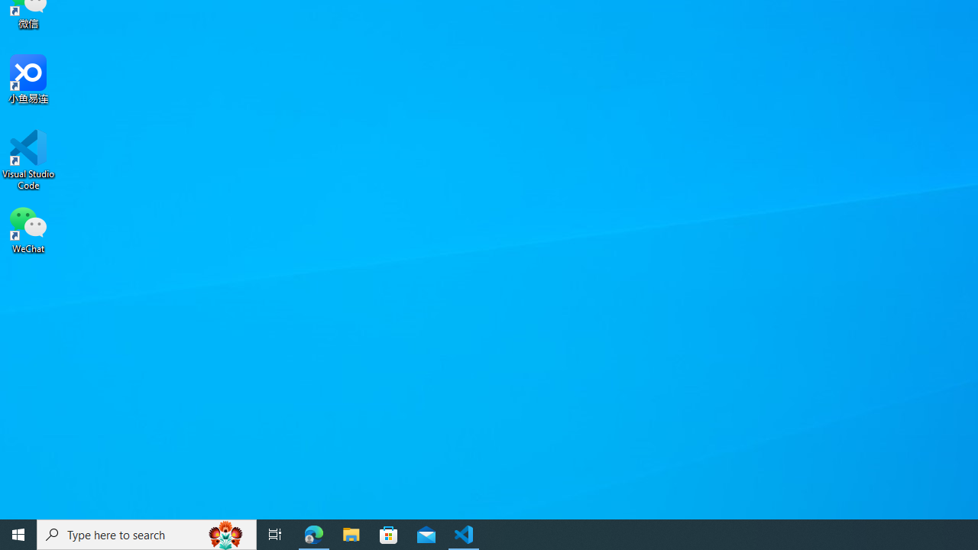 The height and width of the screenshot is (550, 978). Describe the element at coordinates (225, 533) in the screenshot. I see `'Search highlights icon opens search home window'` at that location.